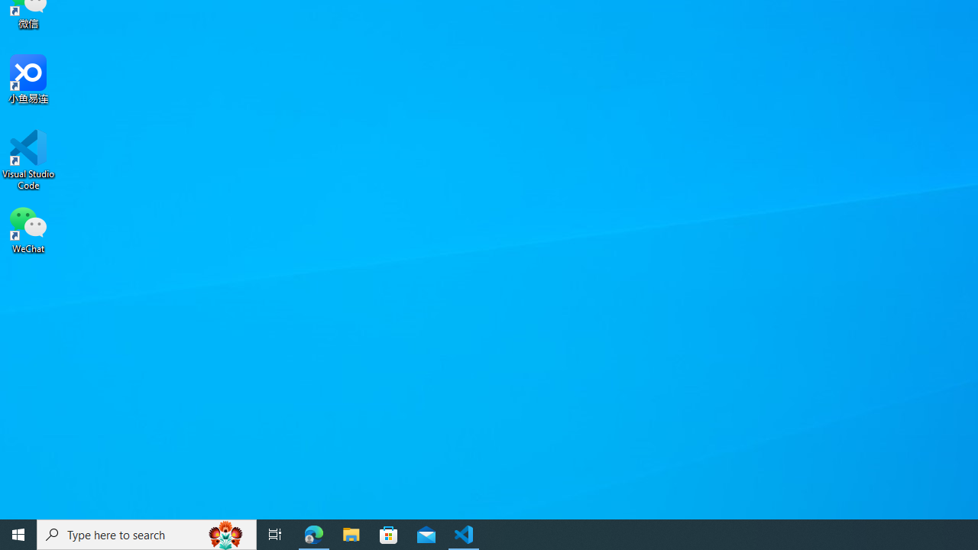 The height and width of the screenshot is (550, 978). Describe the element at coordinates (225, 533) in the screenshot. I see `'Search highlights icon opens search home window'` at that location.